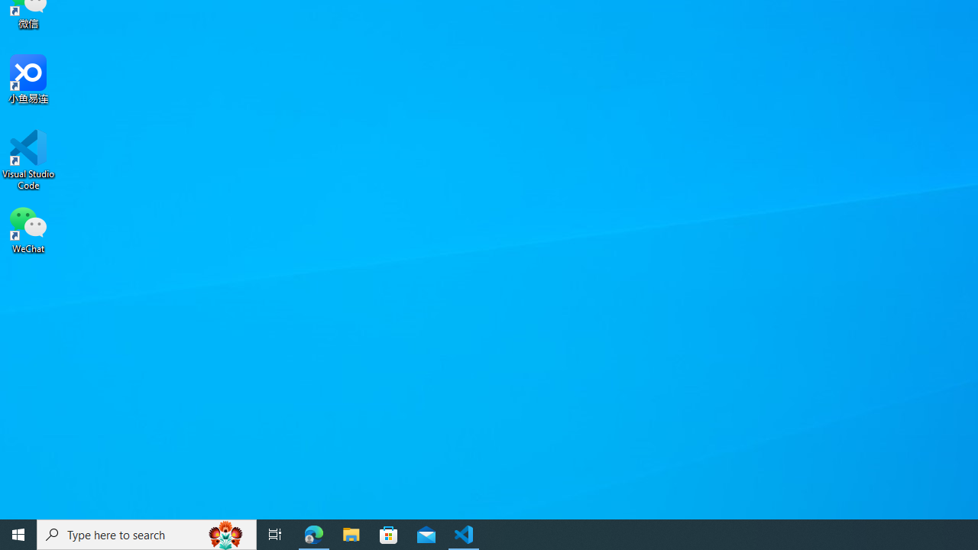 The height and width of the screenshot is (550, 978). Describe the element at coordinates (225, 533) in the screenshot. I see `'Search highlights icon opens search home window'` at that location.